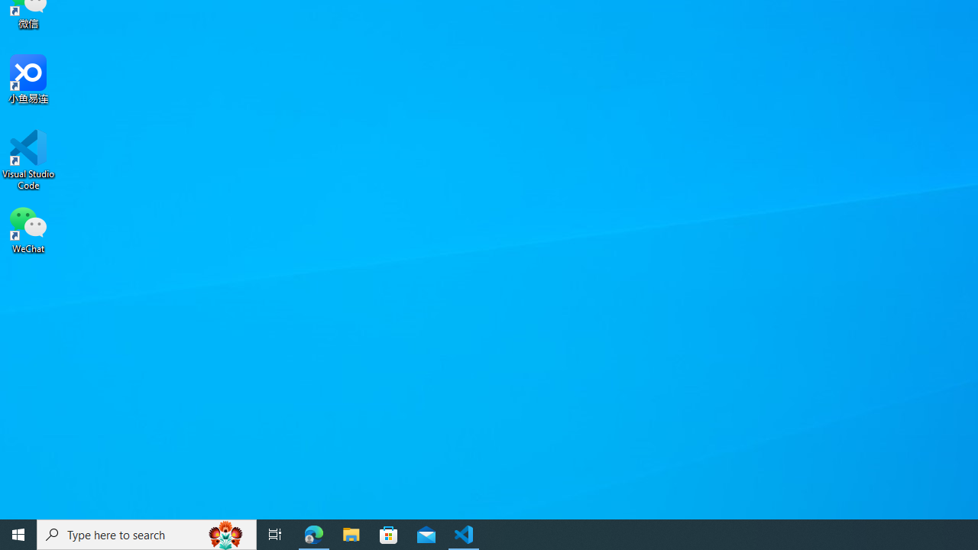 The height and width of the screenshot is (550, 978). Describe the element at coordinates (225, 533) in the screenshot. I see `'Search highlights icon opens search home window'` at that location.